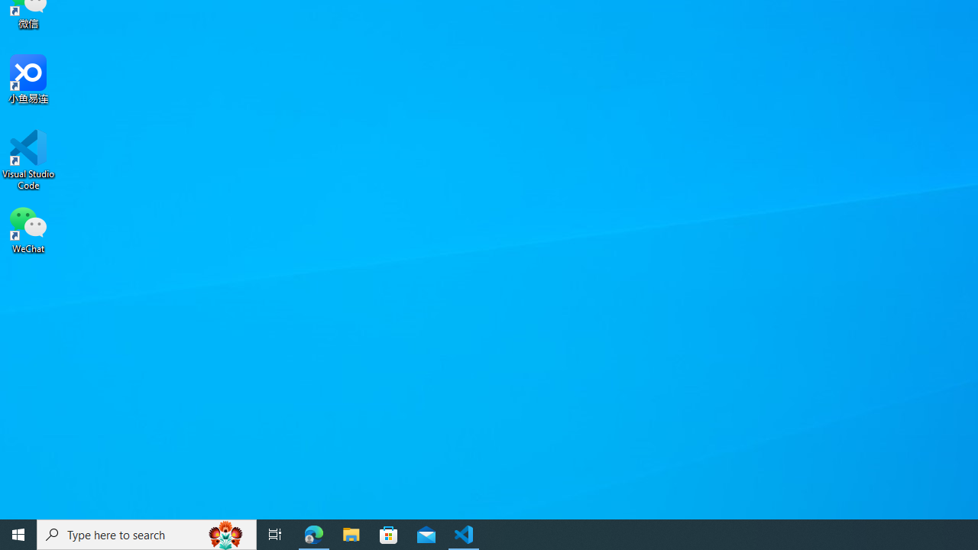 The height and width of the screenshot is (550, 978). Describe the element at coordinates (225, 533) in the screenshot. I see `'Search highlights icon opens search home window'` at that location.